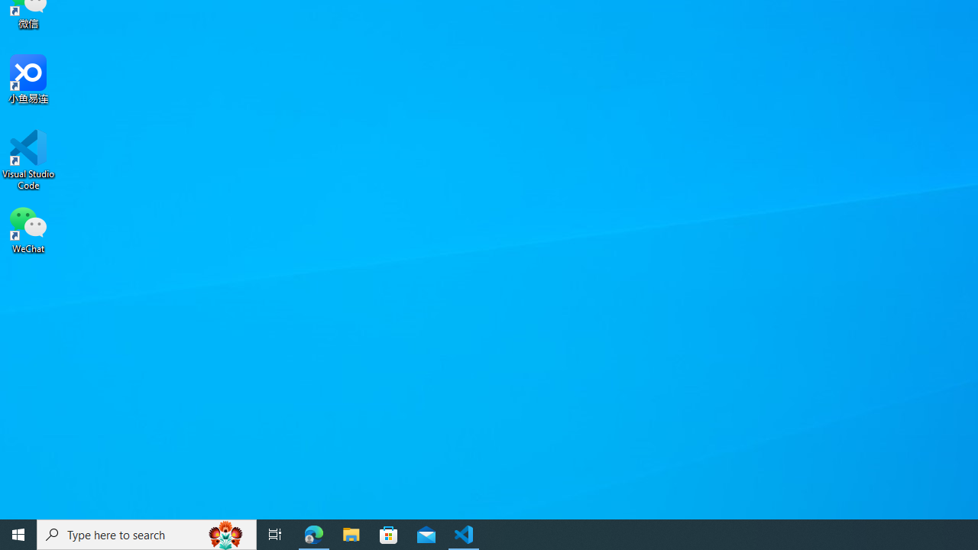 The height and width of the screenshot is (550, 978). Describe the element at coordinates (225, 533) in the screenshot. I see `'Search highlights icon opens search home window'` at that location.